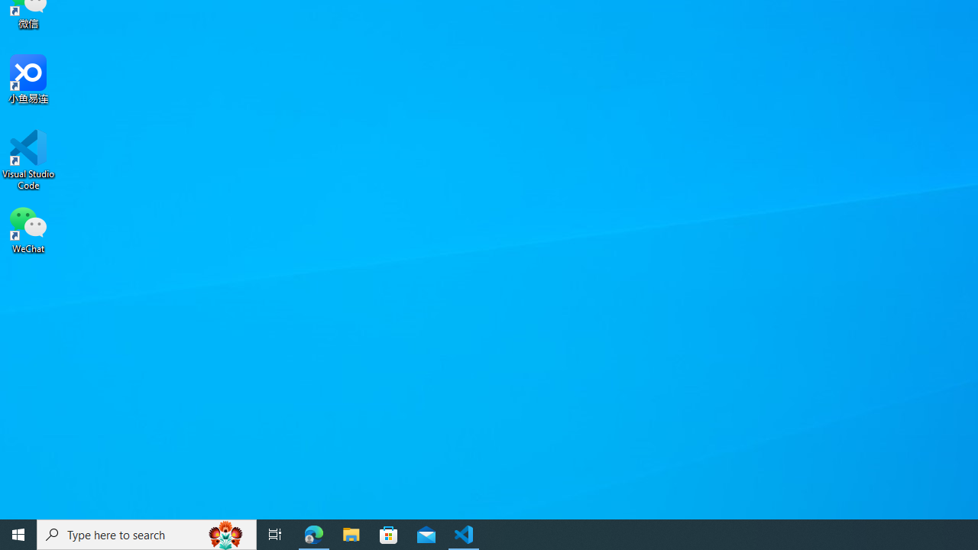 The height and width of the screenshot is (550, 978). Describe the element at coordinates (225, 533) in the screenshot. I see `'Search highlights icon opens search home window'` at that location.